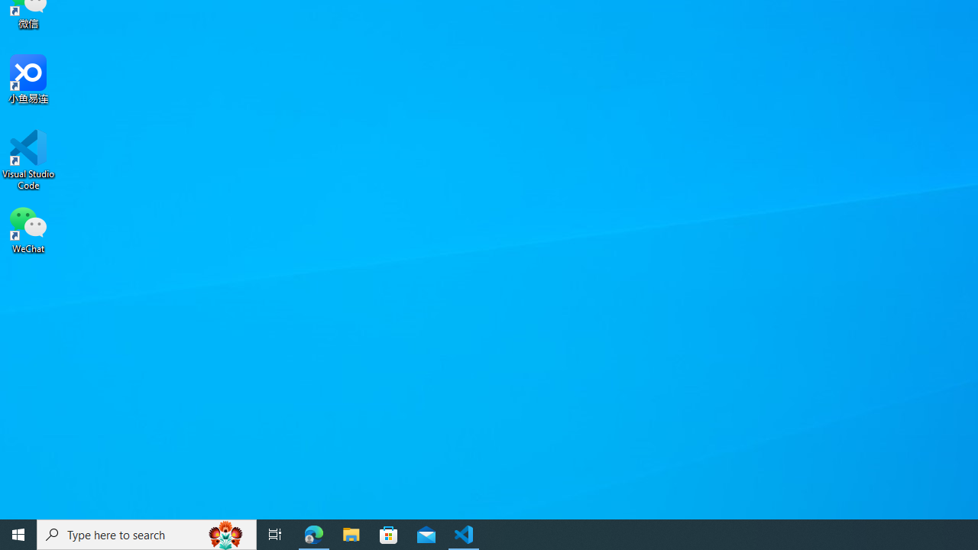 The height and width of the screenshot is (550, 978). Describe the element at coordinates (225, 533) in the screenshot. I see `'Search highlights icon opens search home window'` at that location.